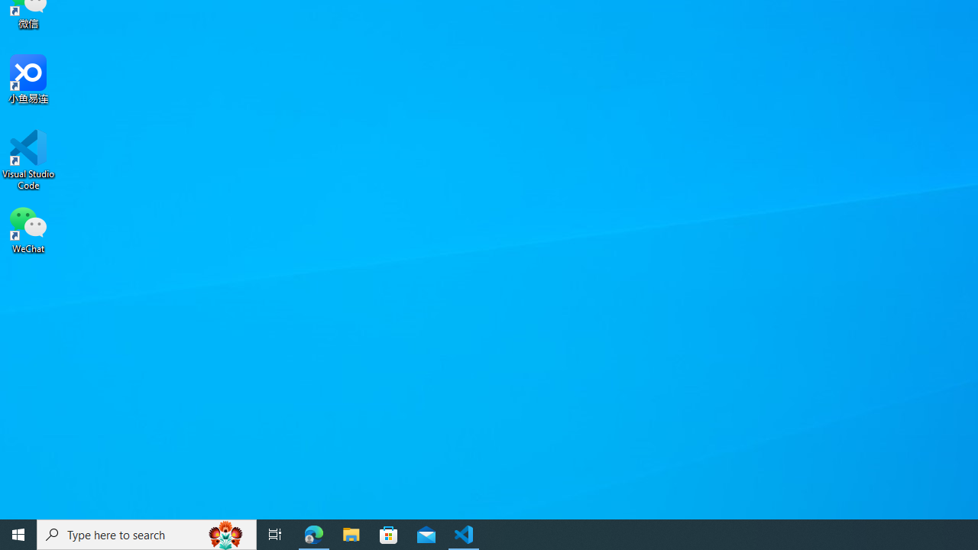 The height and width of the screenshot is (550, 978). Describe the element at coordinates (225, 533) in the screenshot. I see `'Search highlights icon opens search home window'` at that location.